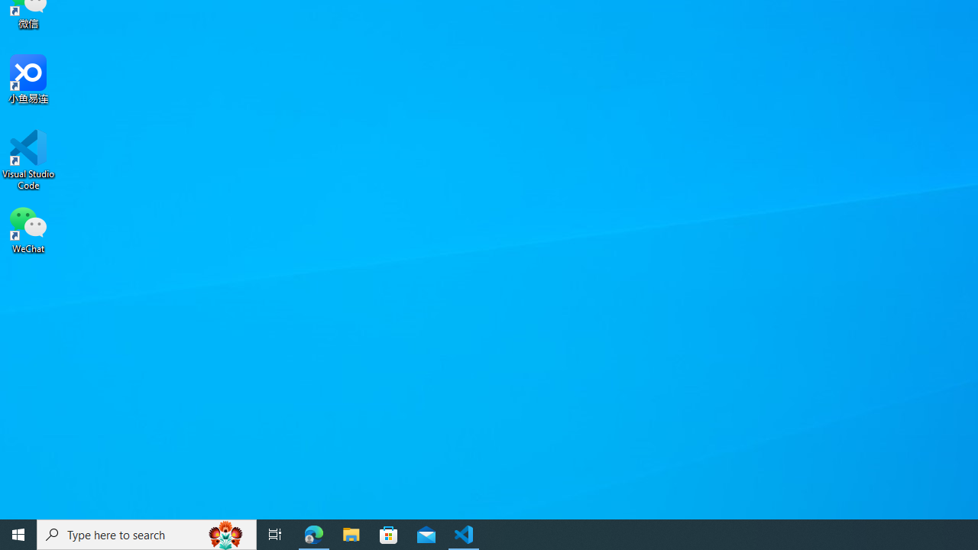 The height and width of the screenshot is (550, 978). Describe the element at coordinates (225, 533) in the screenshot. I see `'Search highlights icon opens search home window'` at that location.